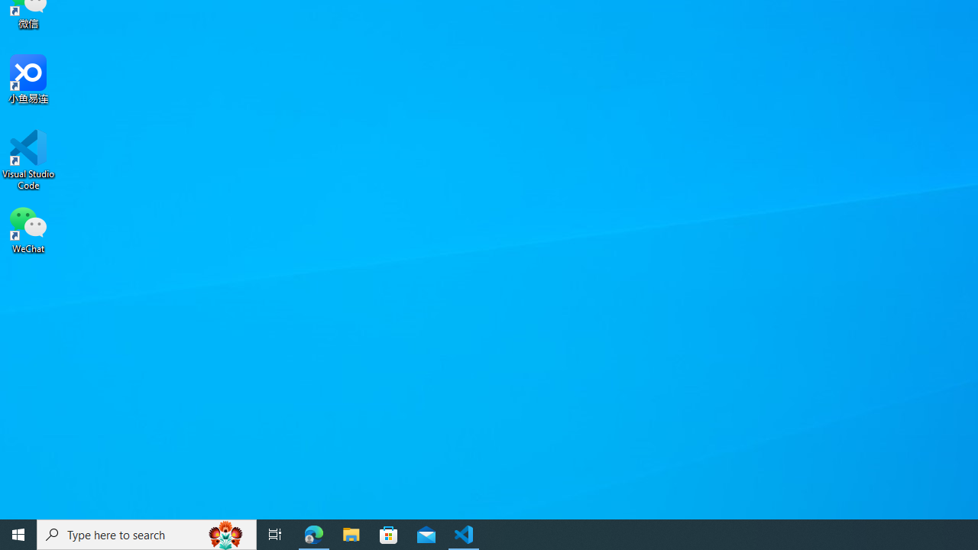 The height and width of the screenshot is (550, 978). Describe the element at coordinates (225, 533) in the screenshot. I see `'Search highlights icon opens search home window'` at that location.